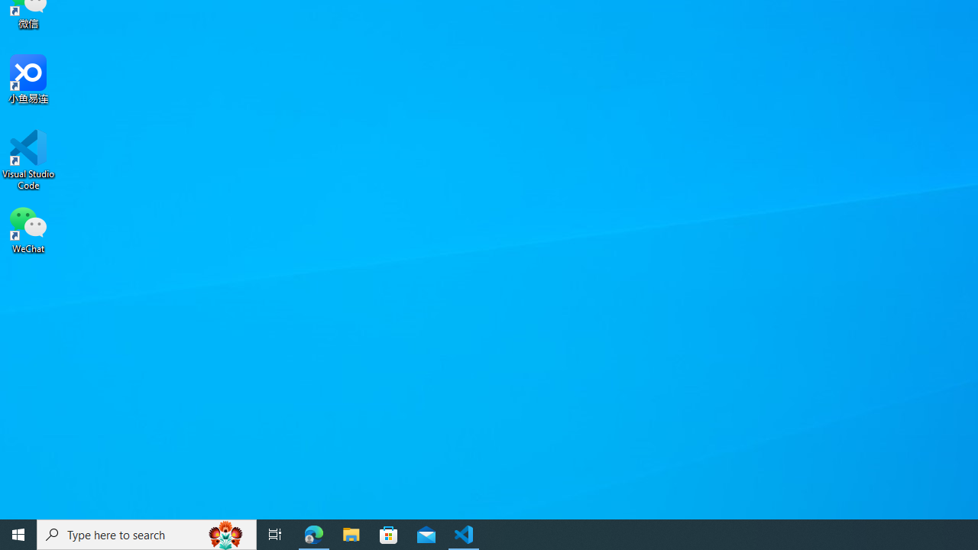 The height and width of the screenshot is (550, 978). Describe the element at coordinates (225, 533) in the screenshot. I see `'Search highlights icon opens search home window'` at that location.